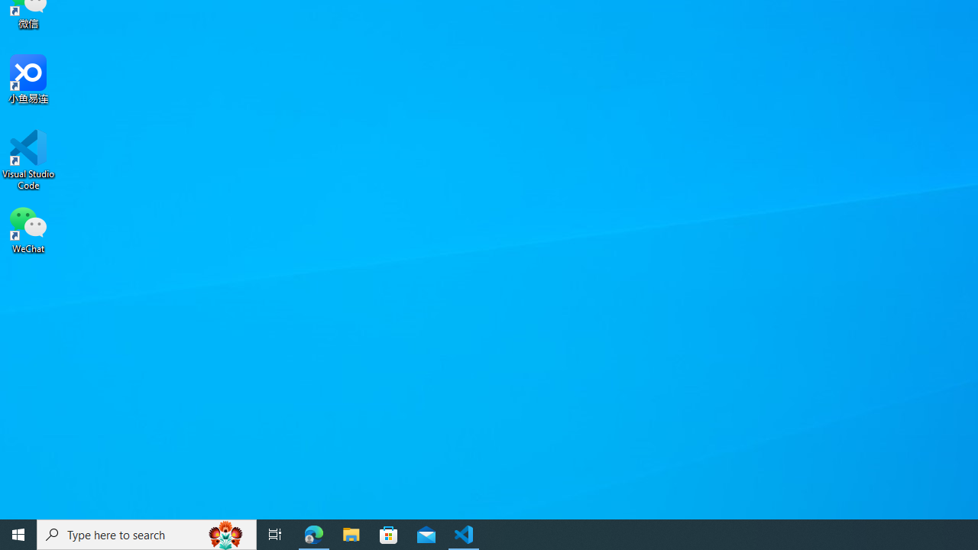 The height and width of the screenshot is (550, 978). Describe the element at coordinates (225, 533) in the screenshot. I see `'Search highlights icon opens search home window'` at that location.